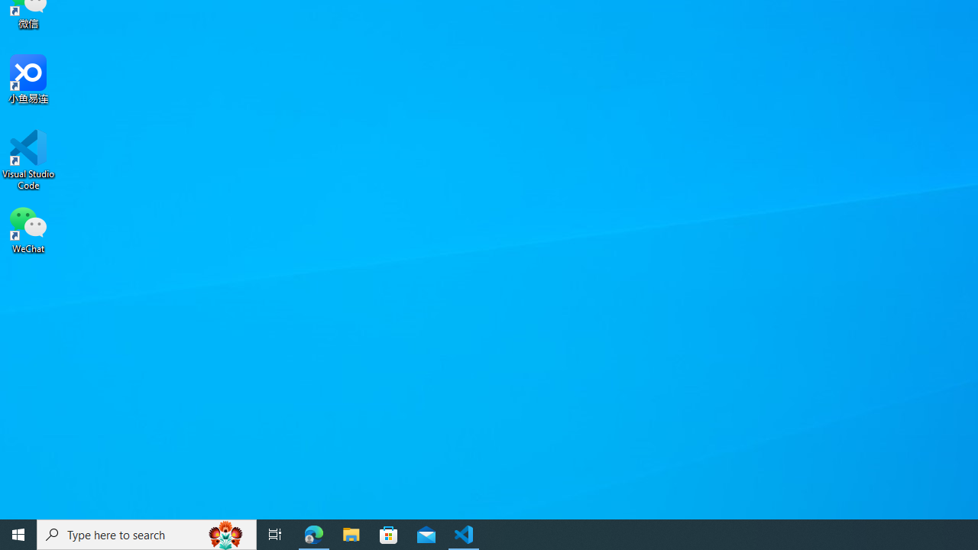 The height and width of the screenshot is (550, 978). Describe the element at coordinates (225, 533) in the screenshot. I see `'Search highlights icon opens search home window'` at that location.